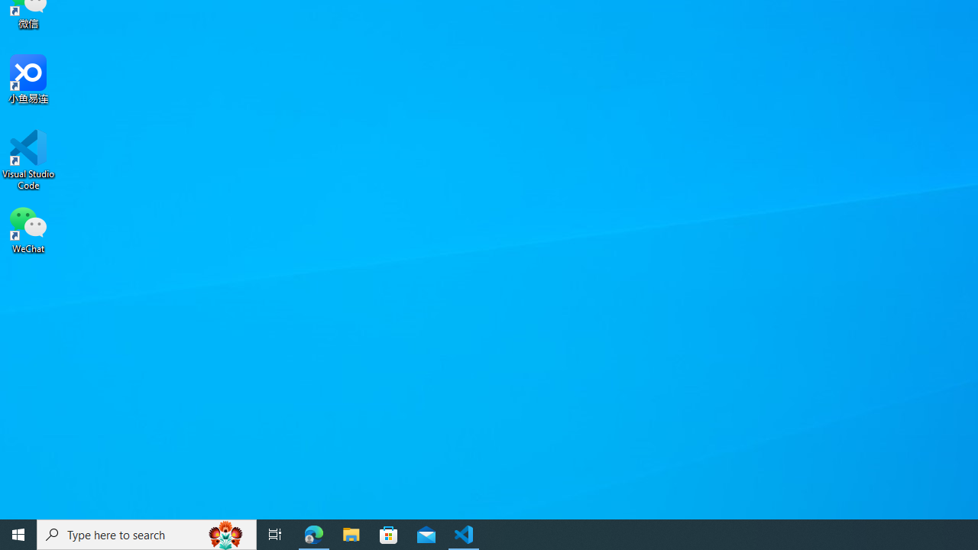 The height and width of the screenshot is (550, 978). Describe the element at coordinates (225, 533) in the screenshot. I see `'Search highlights icon opens search home window'` at that location.